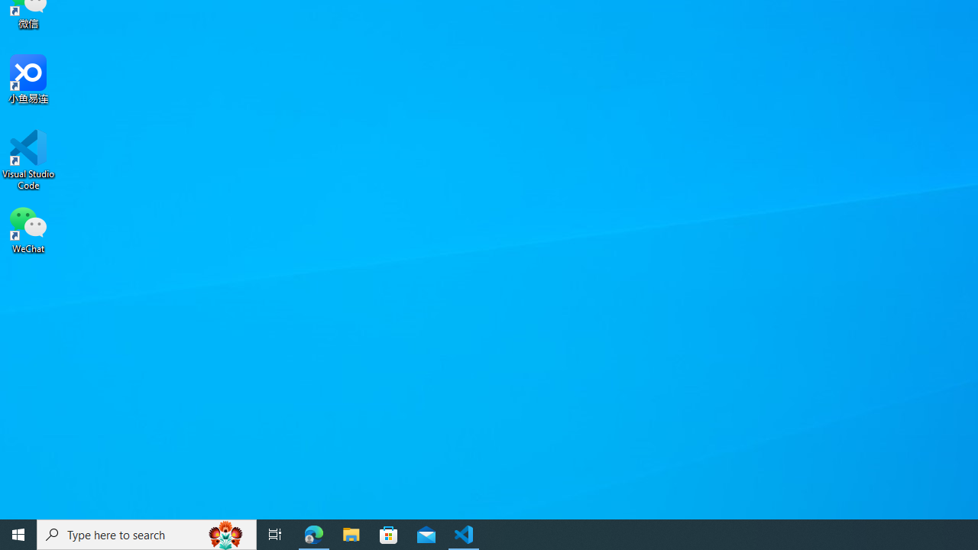 The height and width of the screenshot is (550, 978). Describe the element at coordinates (225, 533) in the screenshot. I see `'Search highlights icon opens search home window'` at that location.